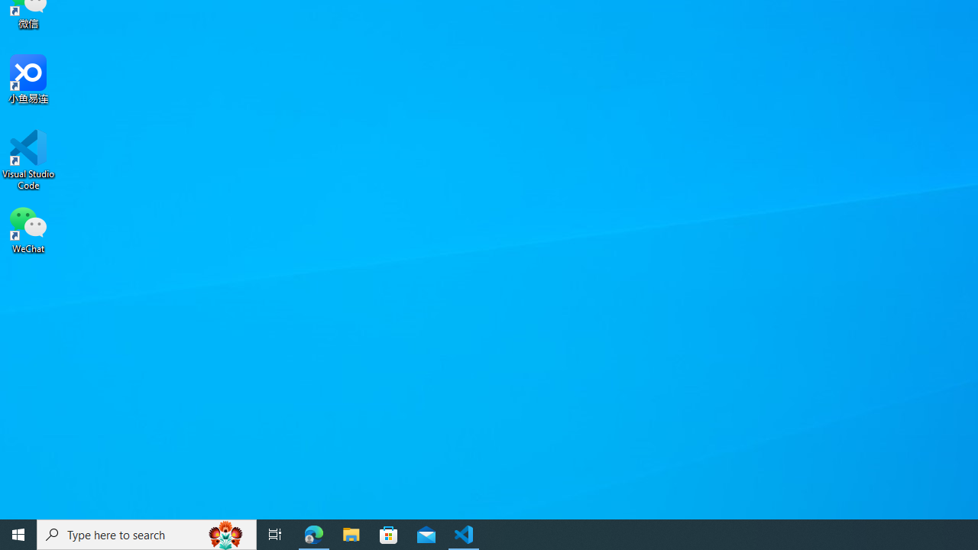 The height and width of the screenshot is (550, 978). Describe the element at coordinates (225, 533) in the screenshot. I see `'Search highlights icon opens search home window'` at that location.